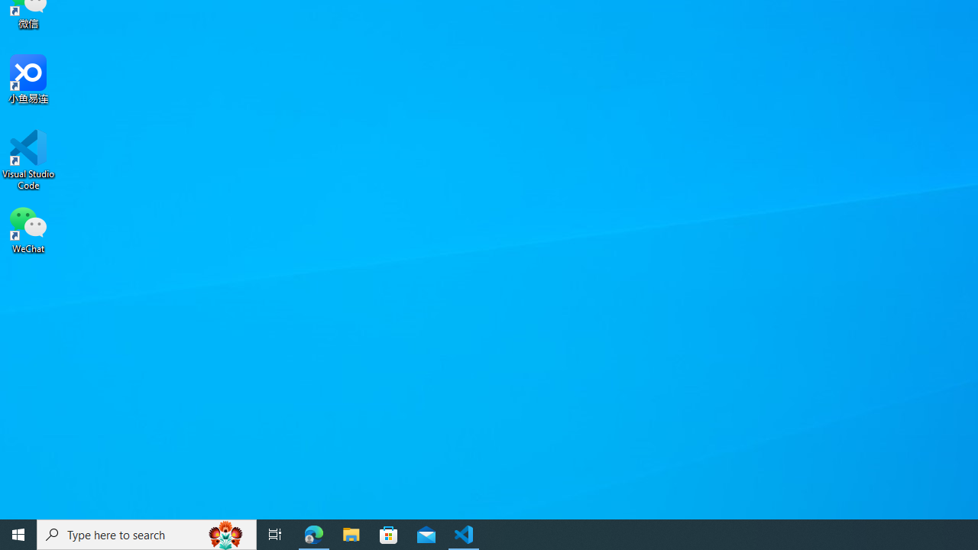 The height and width of the screenshot is (550, 978). Describe the element at coordinates (225, 533) in the screenshot. I see `'Search highlights icon opens search home window'` at that location.